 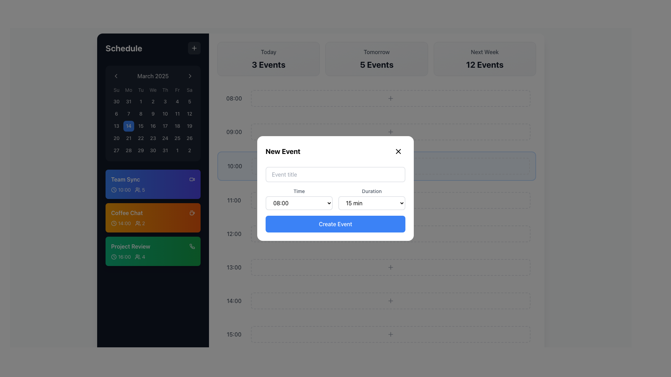 What do you see at coordinates (129, 150) in the screenshot?
I see `the '28th' day button` at bounding box center [129, 150].